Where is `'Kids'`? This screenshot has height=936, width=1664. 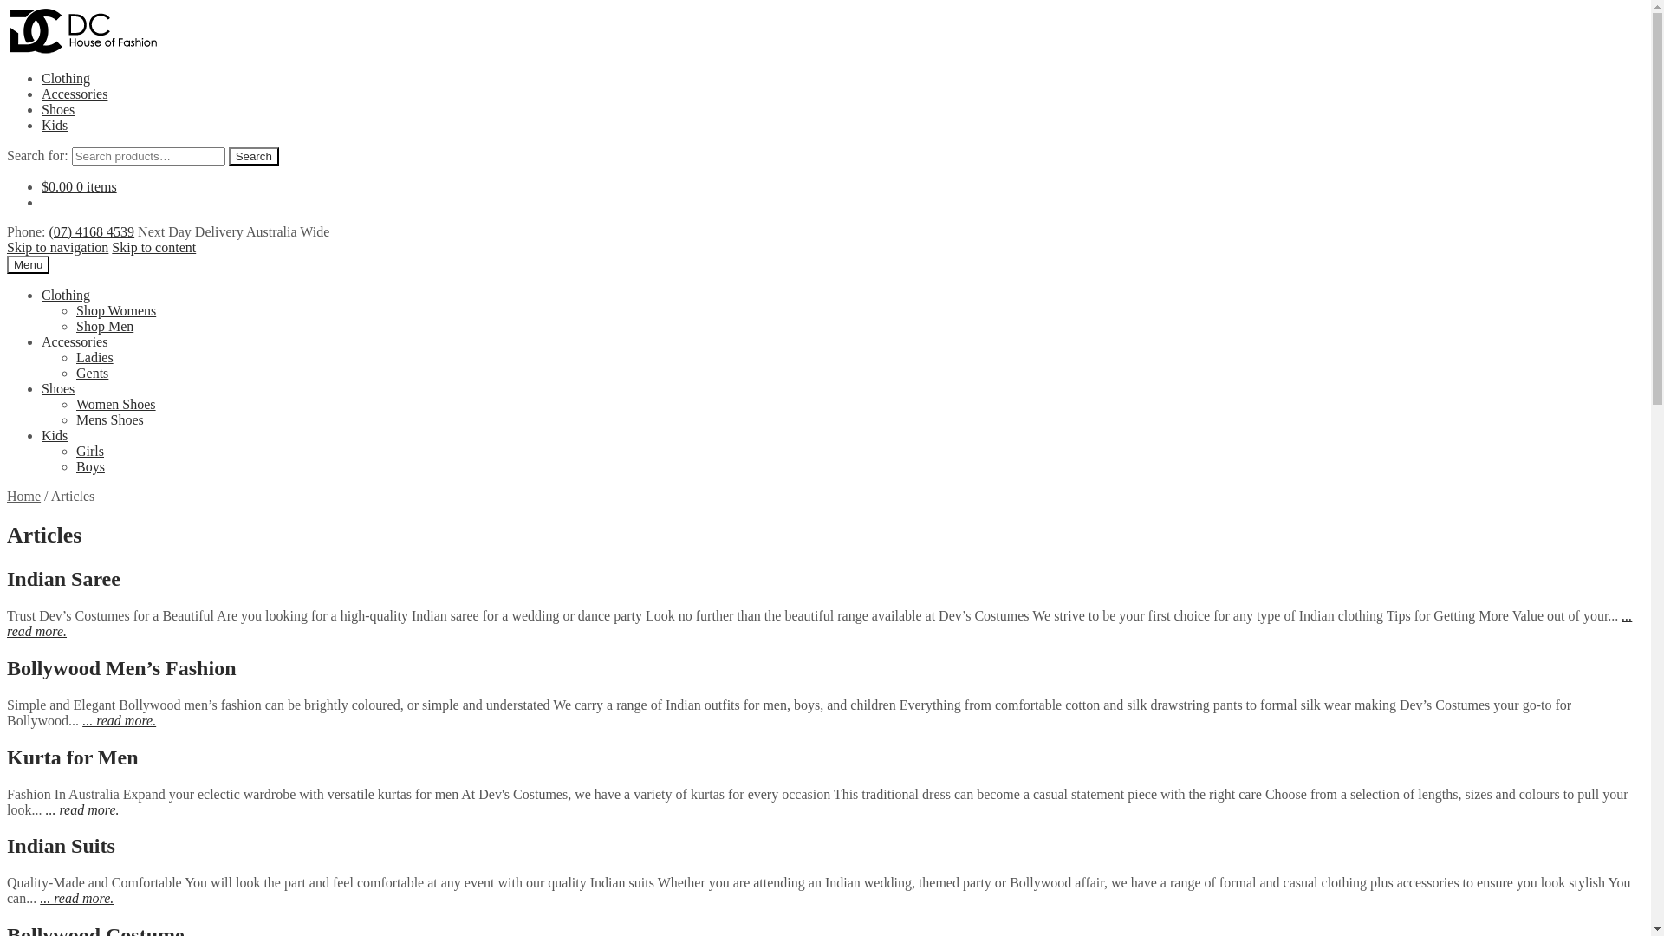 'Kids' is located at coordinates (54, 434).